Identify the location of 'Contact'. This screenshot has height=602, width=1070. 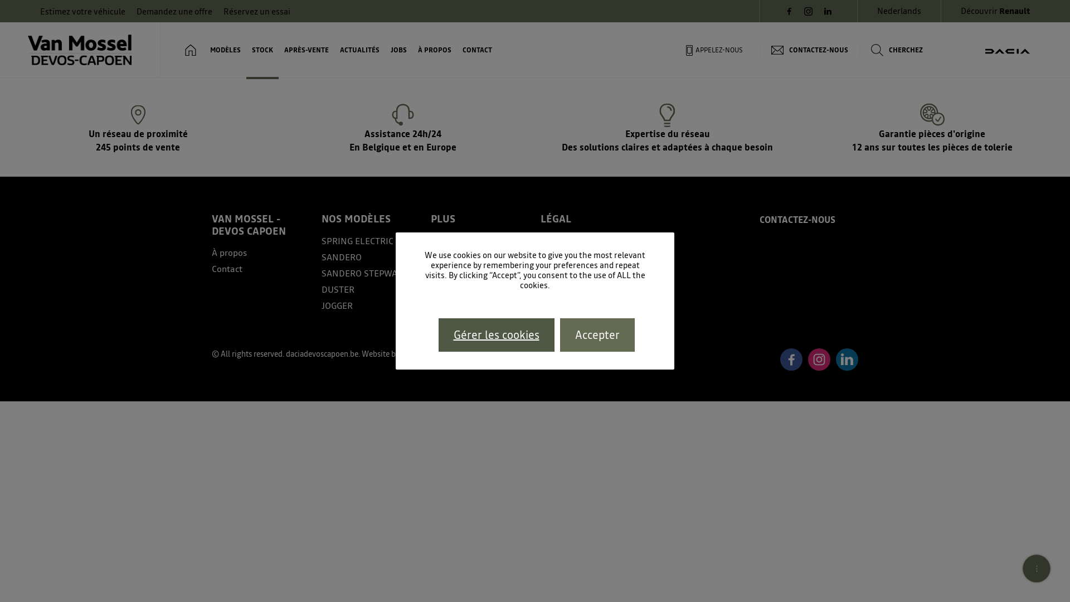
(260, 269).